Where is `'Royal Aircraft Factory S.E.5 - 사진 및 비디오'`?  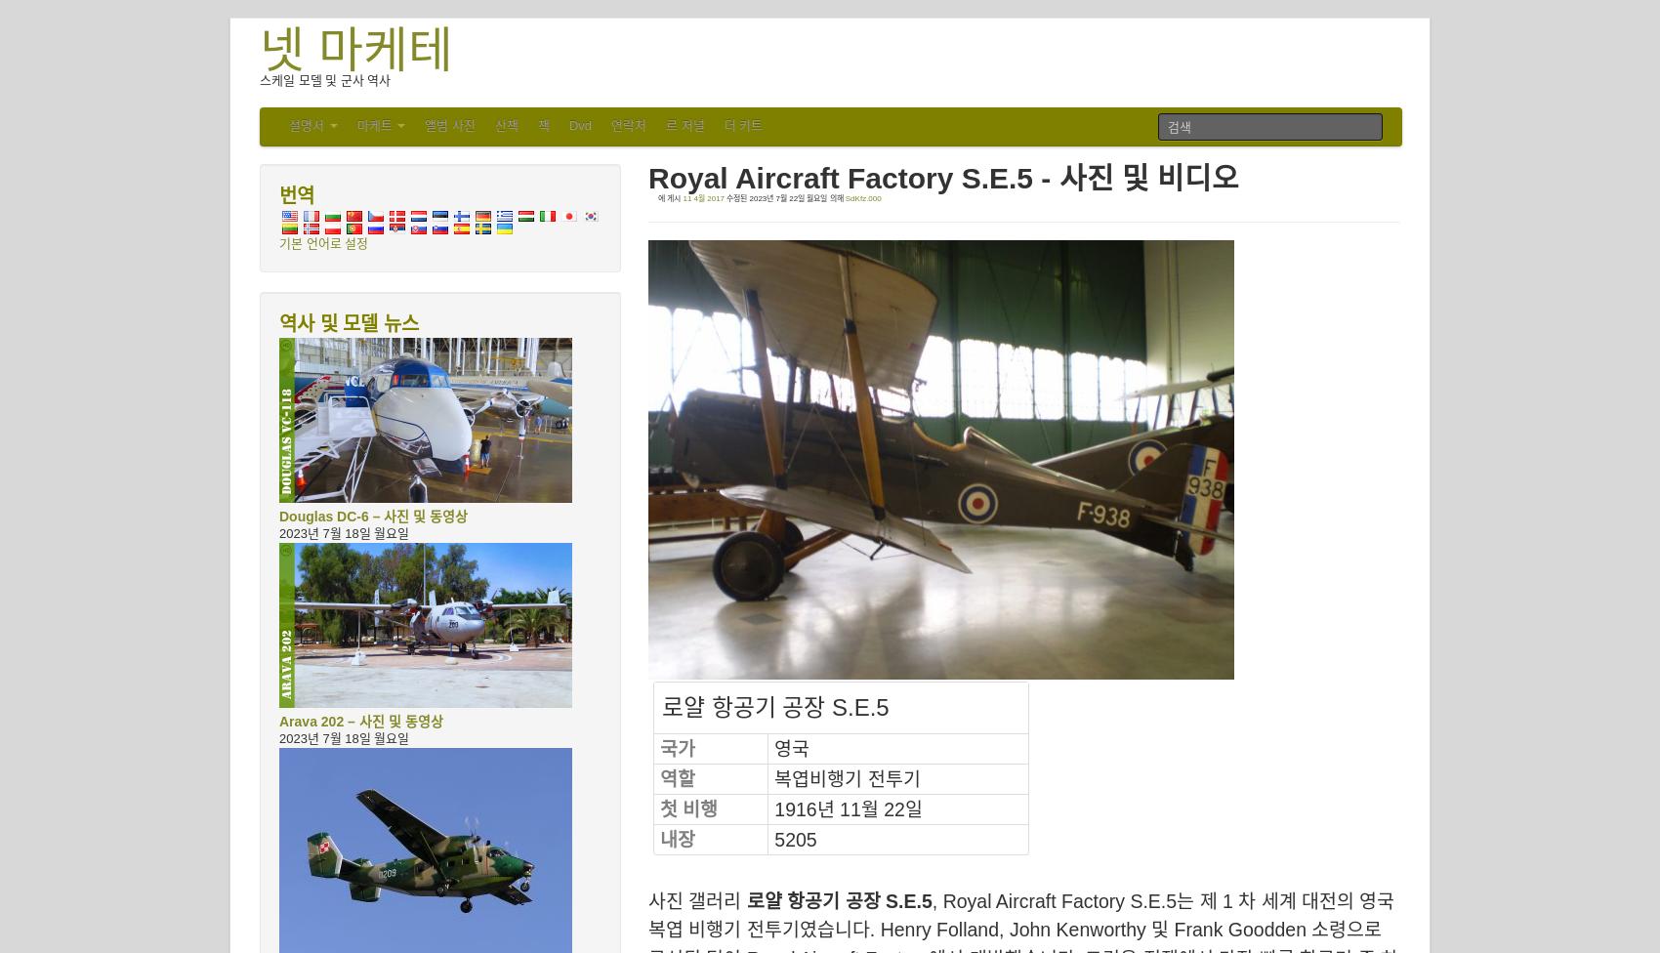
'Royal Aircraft Factory S.E.5 - 사진 및 비디오' is located at coordinates (942, 177).